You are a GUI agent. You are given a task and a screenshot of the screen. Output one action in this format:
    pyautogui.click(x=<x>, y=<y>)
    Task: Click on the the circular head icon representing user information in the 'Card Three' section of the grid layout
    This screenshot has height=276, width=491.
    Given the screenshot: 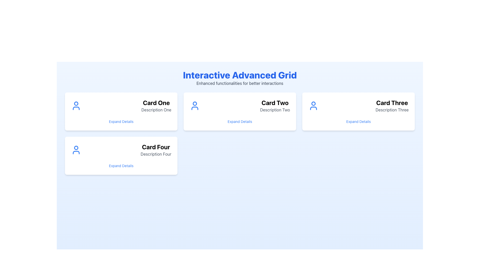 What is the action you would take?
    pyautogui.click(x=313, y=103)
    